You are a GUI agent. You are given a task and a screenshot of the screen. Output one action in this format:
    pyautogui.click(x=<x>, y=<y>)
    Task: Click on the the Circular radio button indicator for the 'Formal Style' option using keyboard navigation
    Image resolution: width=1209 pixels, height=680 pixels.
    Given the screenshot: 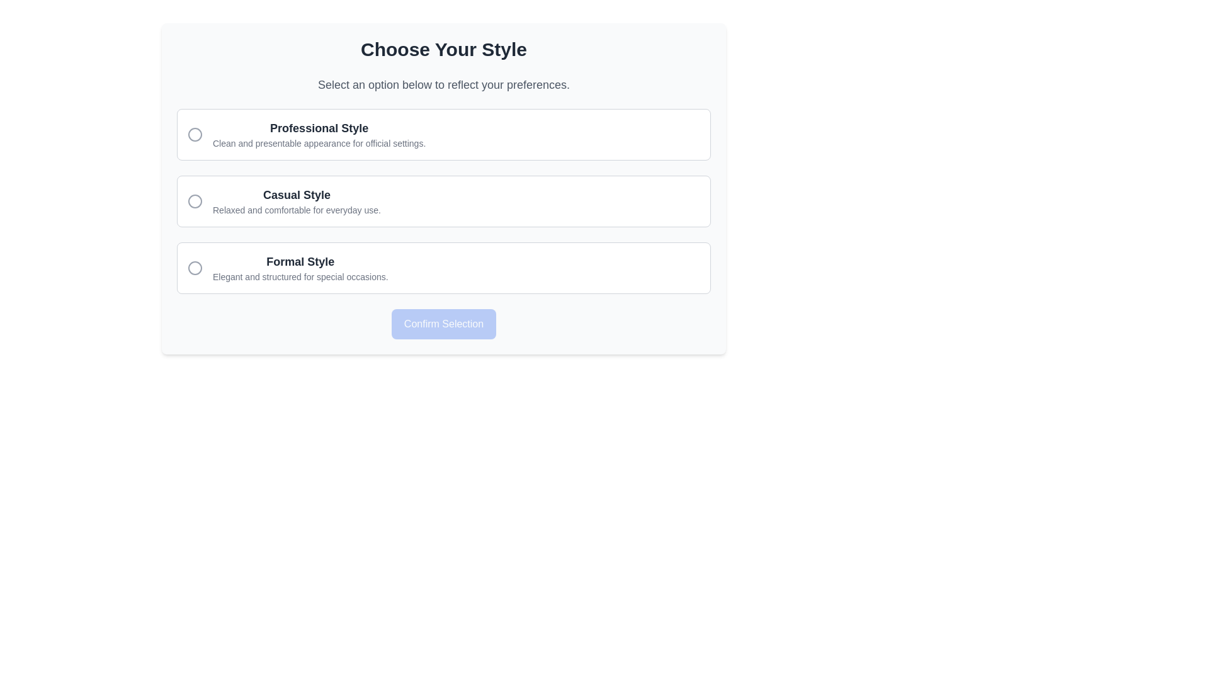 What is the action you would take?
    pyautogui.click(x=195, y=267)
    